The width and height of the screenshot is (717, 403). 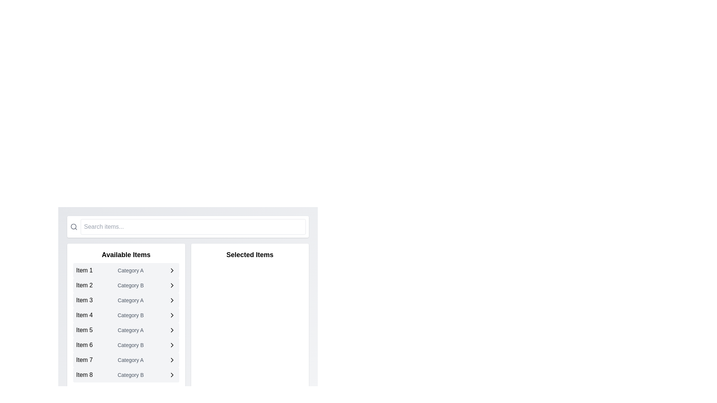 What do you see at coordinates (172, 271) in the screenshot?
I see `the right-facing chevron icon element located in the 'Available Items' column next to 'Category A' under 'Item 1'` at bounding box center [172, 271].